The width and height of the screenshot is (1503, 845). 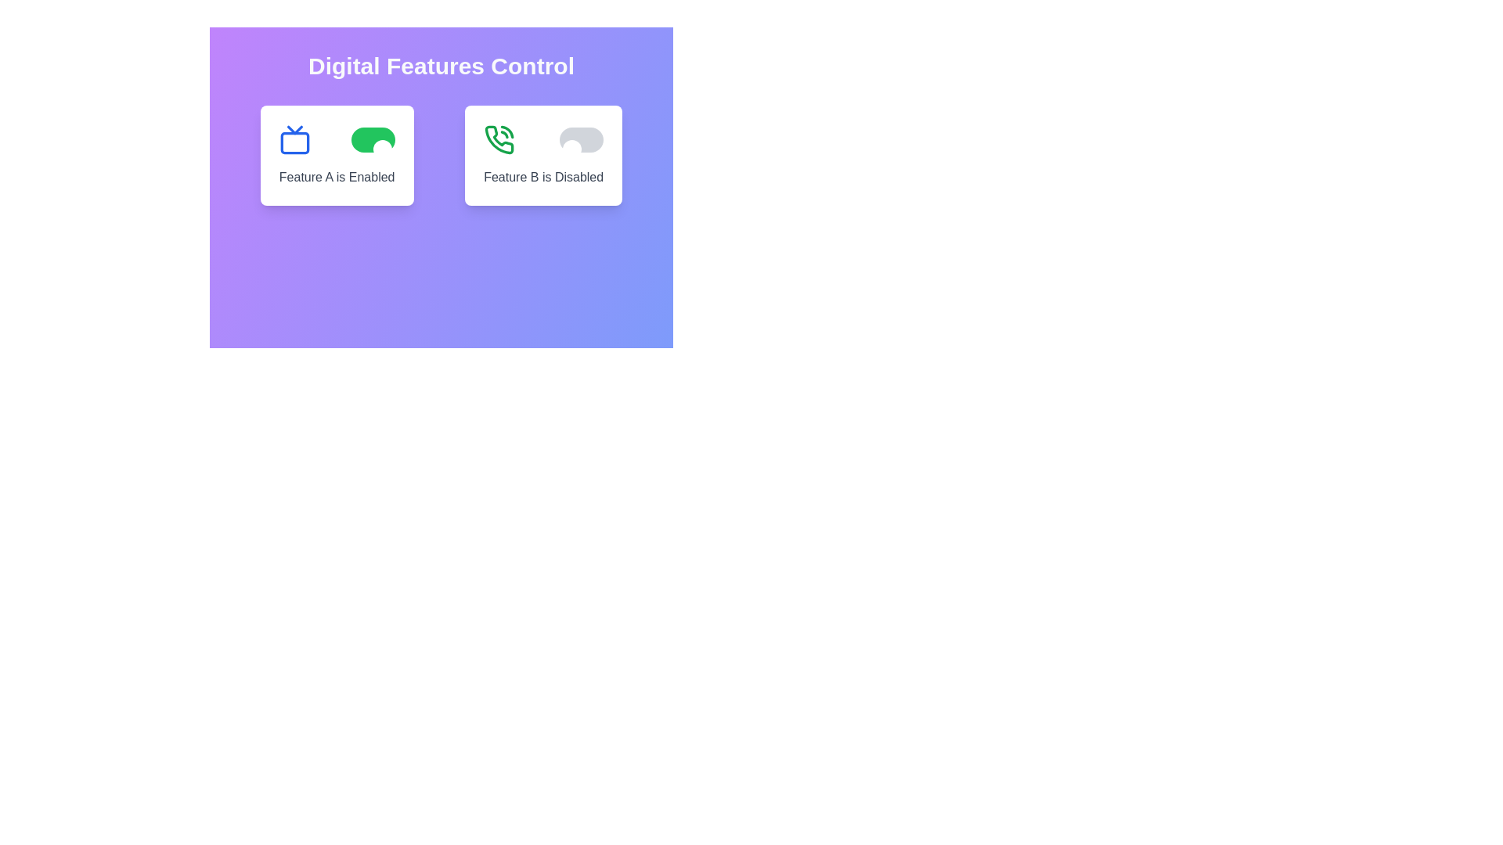 What do you see at coordinates (507, 131) in the screenshot?
I see `the green telephone receiver icon indicating a phone call, located within the card labeled 'Feature B is Disabled'` at bounding box center [507, 131].